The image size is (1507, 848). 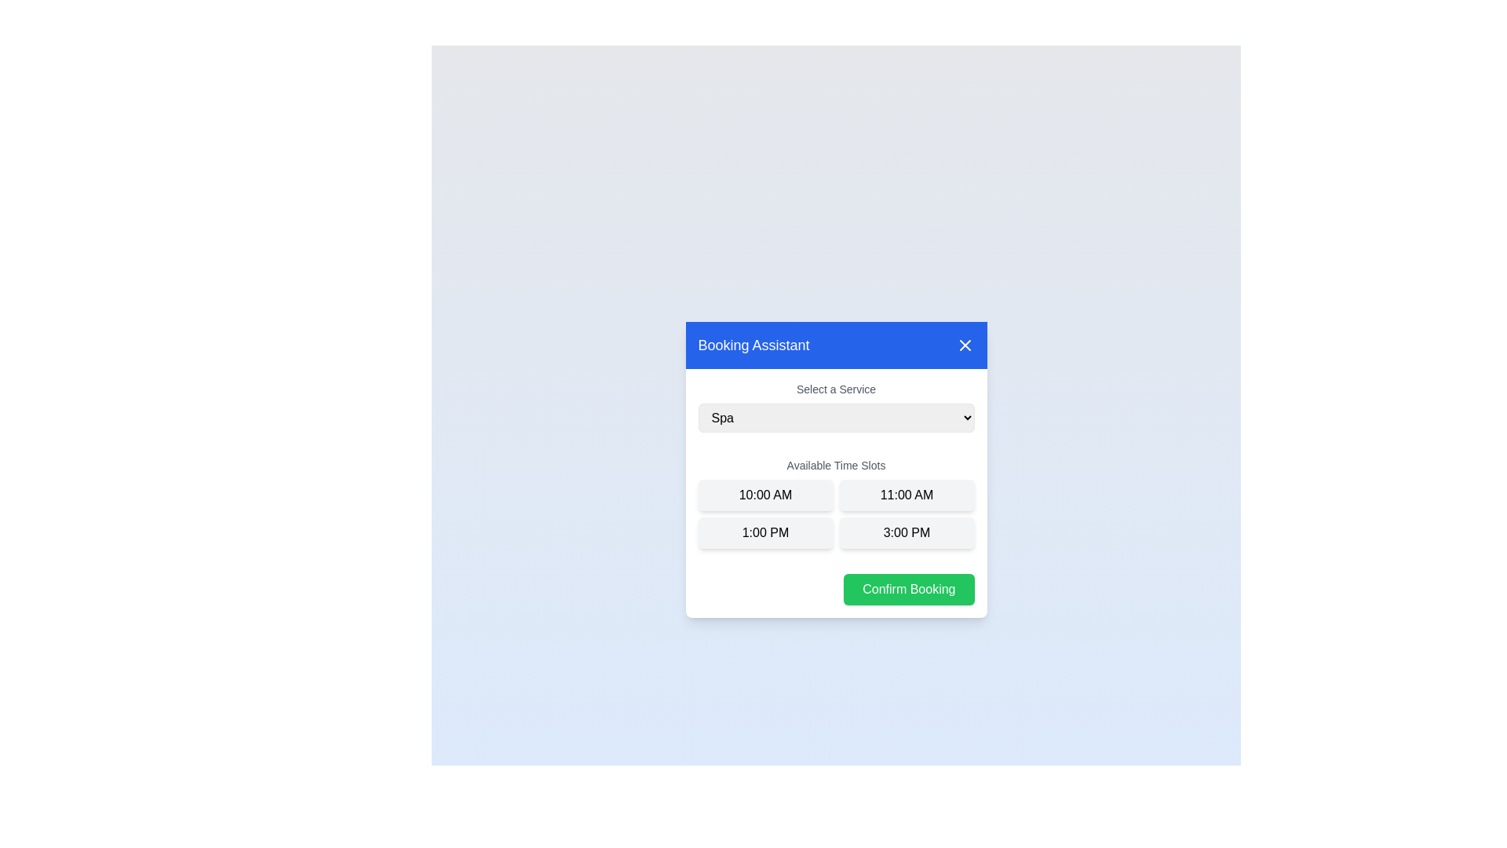 I want to click on the time slot 10:00 AM by clicking on its button, so click(x=765, y=495).